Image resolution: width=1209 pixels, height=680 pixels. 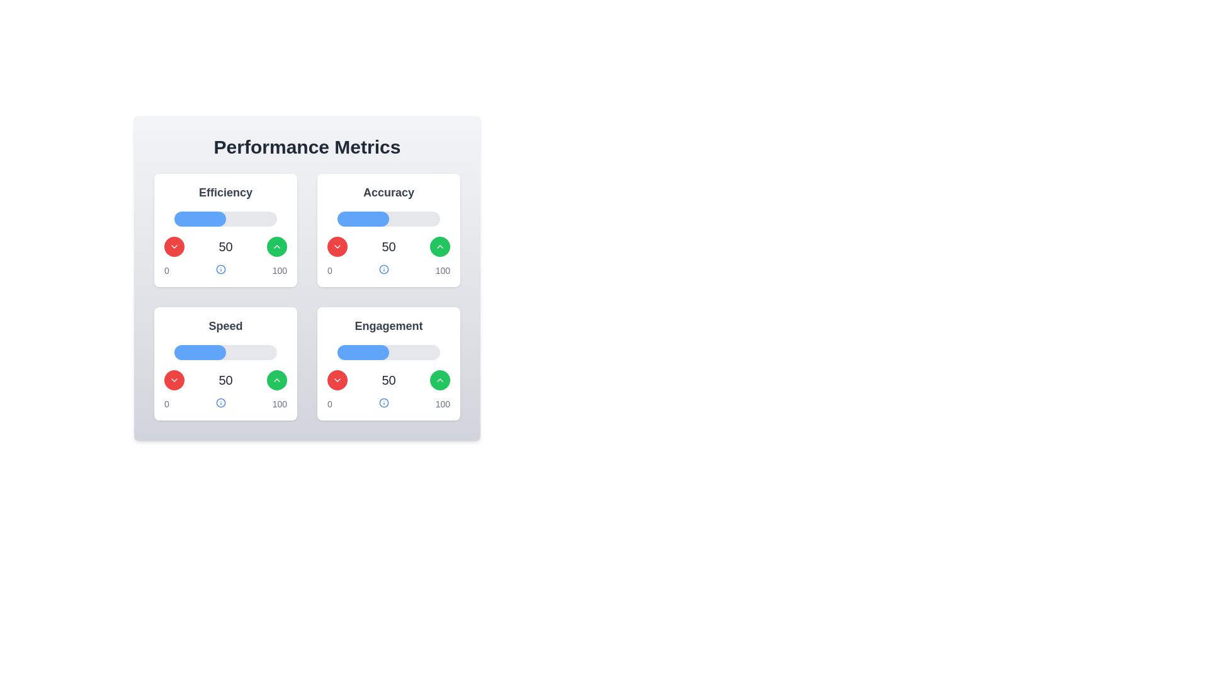 What do you see at coordinates (264, 218) in the screenshot?
I see `the efficiency value` at bounding box center [264, 218].